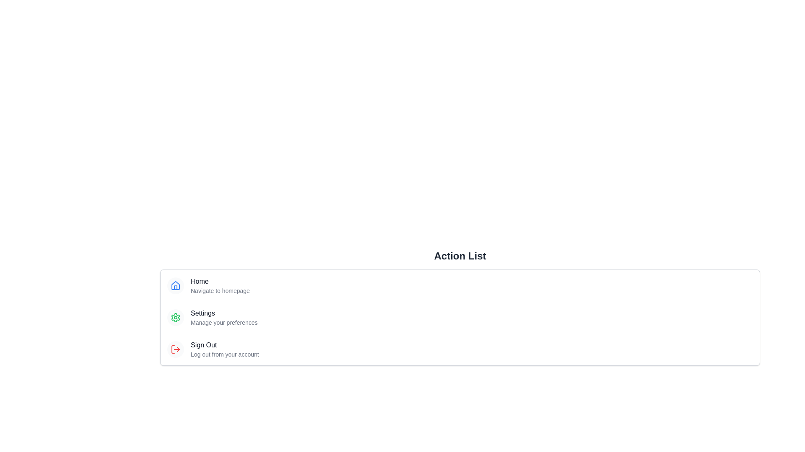  What do you see at coordinates (220, 290) in the screenshot?
I see `the static text element displaying 'Navigate to homepage', which is styled in light gray and positioned below the 'Home' label` at bounding box center [220, 290].